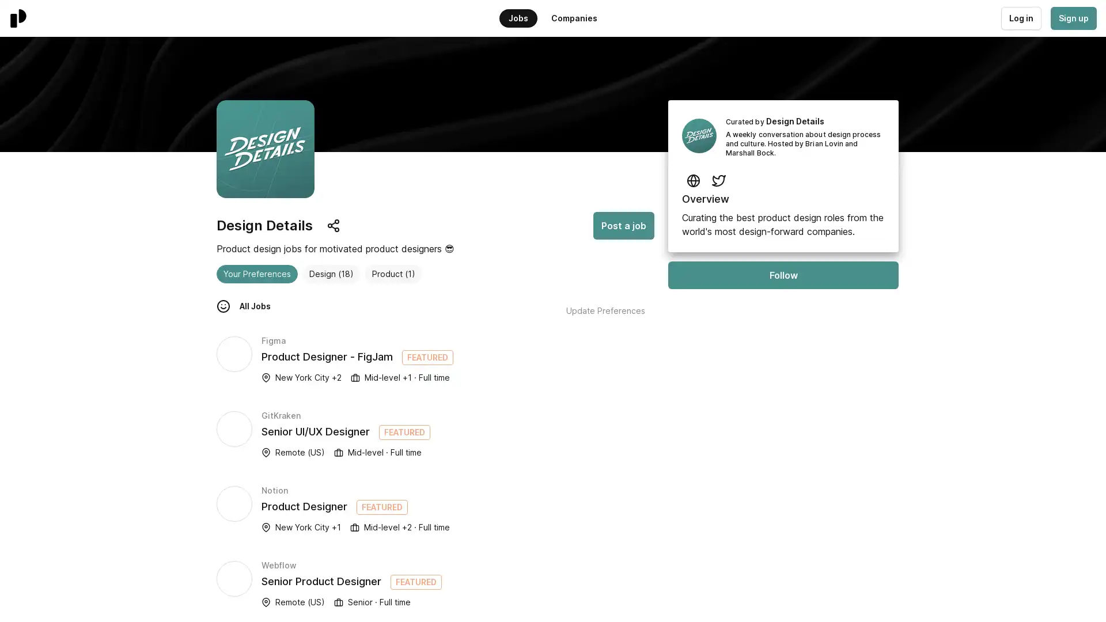  Describe the element at coordinates (783, 275) in the screenshot. I see `Follow` at that location.